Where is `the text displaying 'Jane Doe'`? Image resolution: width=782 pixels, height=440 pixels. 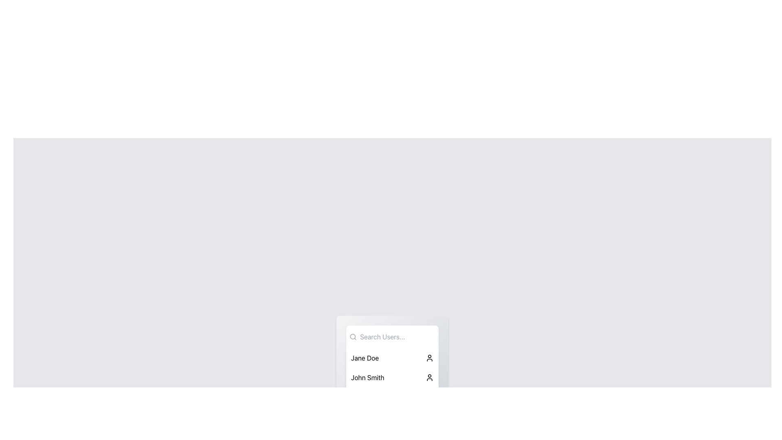
the text displaying 'Jane Doe' is located at coordinates (365, 358).